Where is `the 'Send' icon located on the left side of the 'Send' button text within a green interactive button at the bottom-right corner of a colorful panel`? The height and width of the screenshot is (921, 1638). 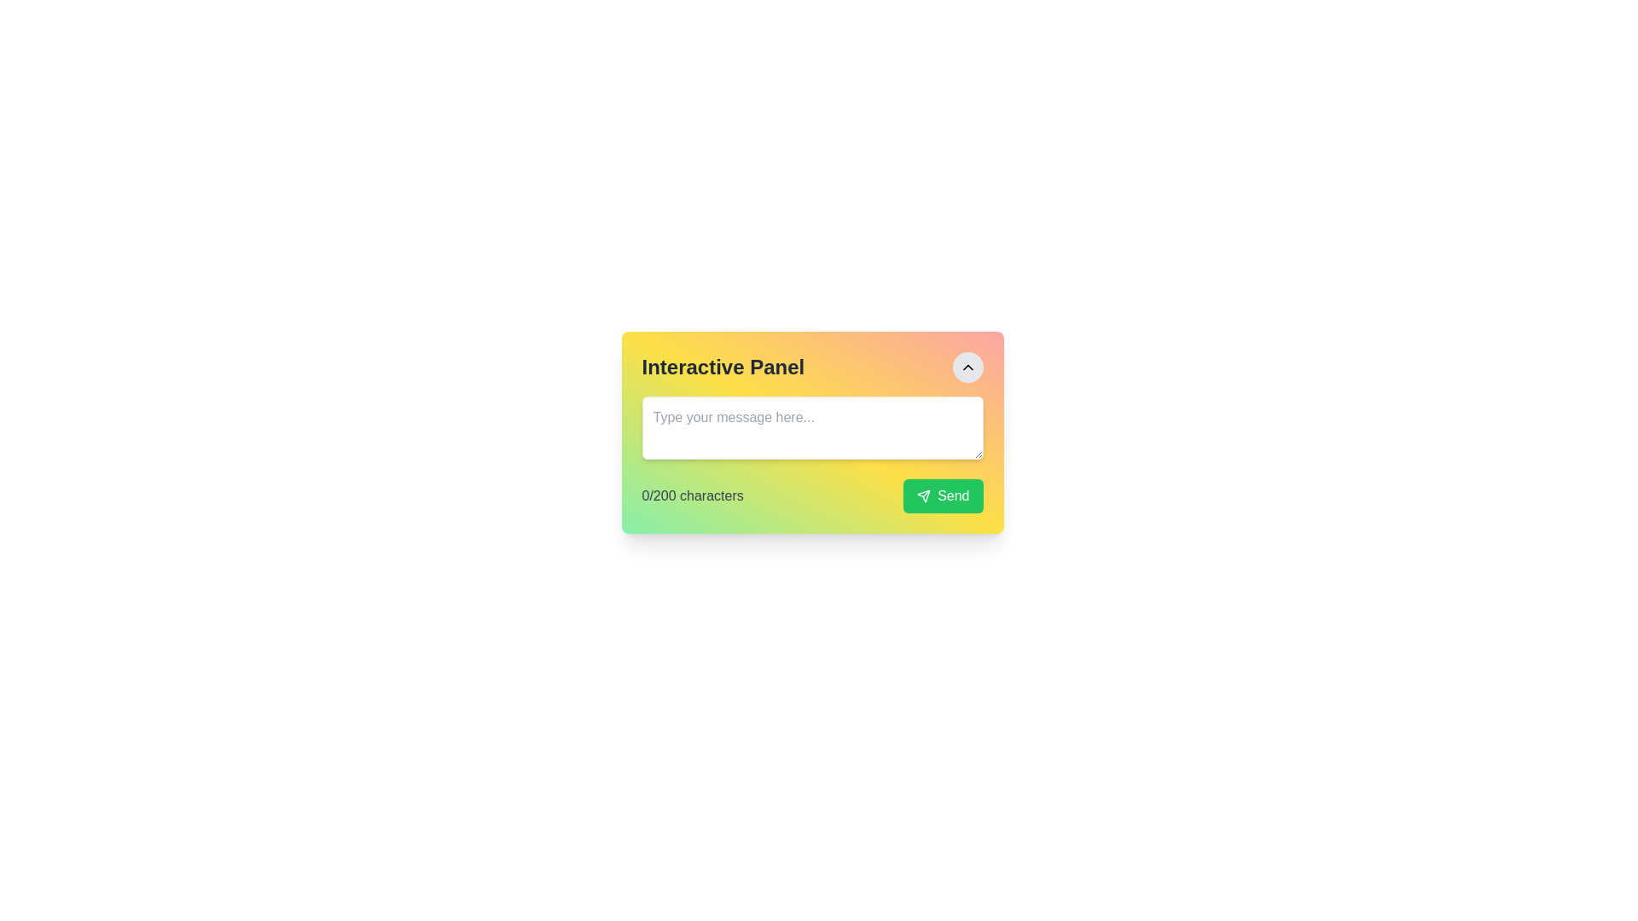 the 'Send' icon located on the left side of the 'Send' button text within a green interactive button at the bottom-right corner of a colorful panel is located at coordinates (923, 496).